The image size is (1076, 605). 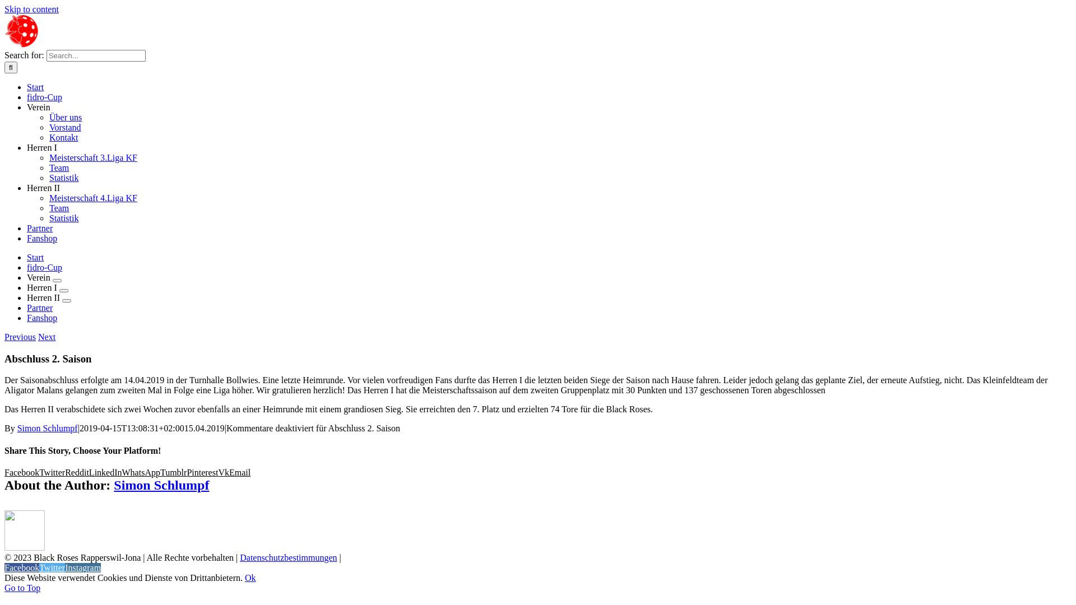 I want to click on 'Vk', so click(x=223, y=472).